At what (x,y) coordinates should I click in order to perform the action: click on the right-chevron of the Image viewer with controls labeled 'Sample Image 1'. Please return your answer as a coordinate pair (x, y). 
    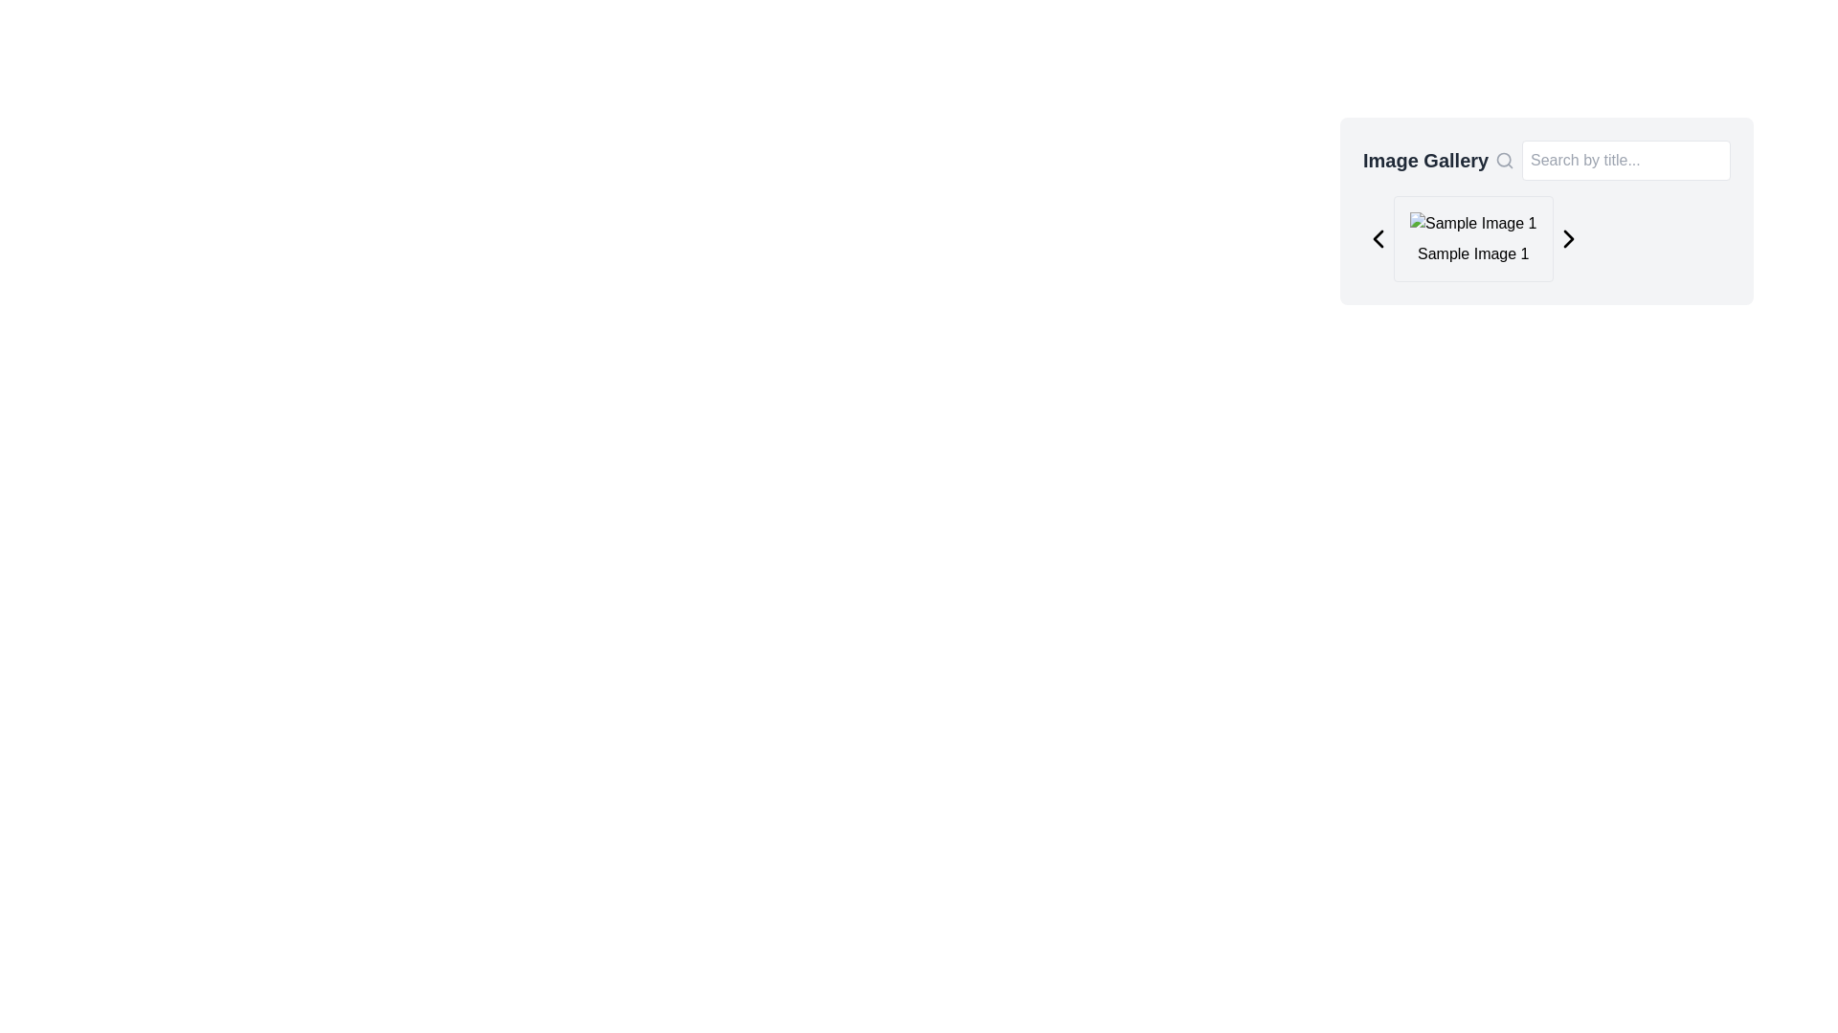
    Looking at the image, I should click on (1547, 238).